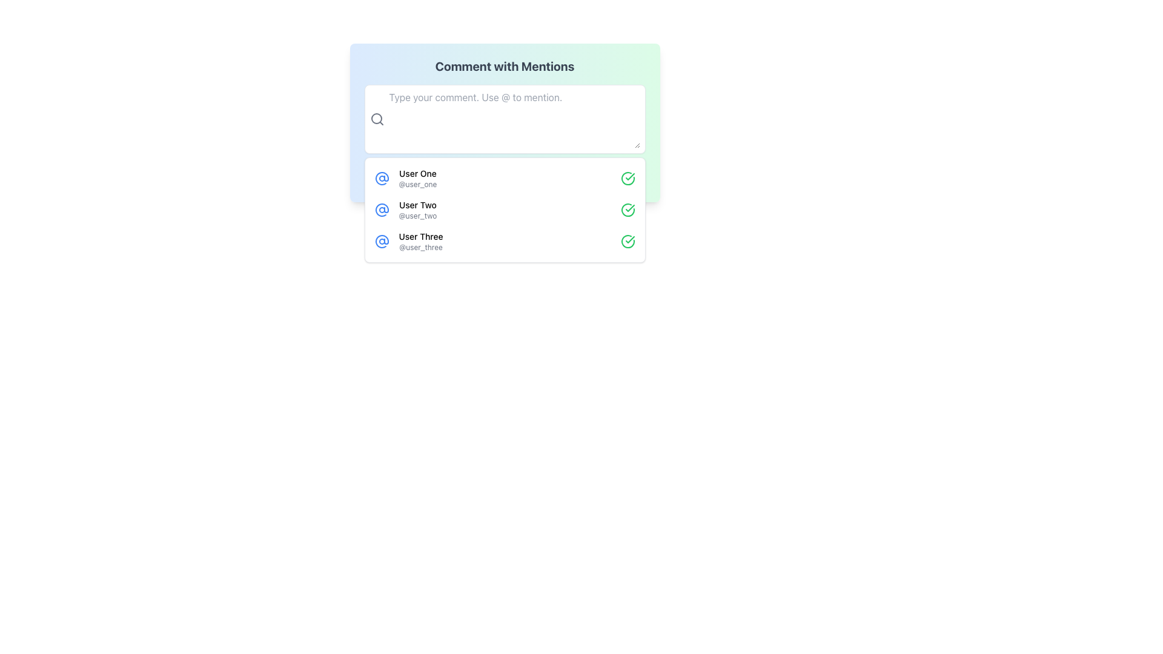 The width and height of the screenshot is (1163, 654). I want to click on the second list item that allows a user to select '@user_two' in the user mention dropdown interface, so click(505, 210).